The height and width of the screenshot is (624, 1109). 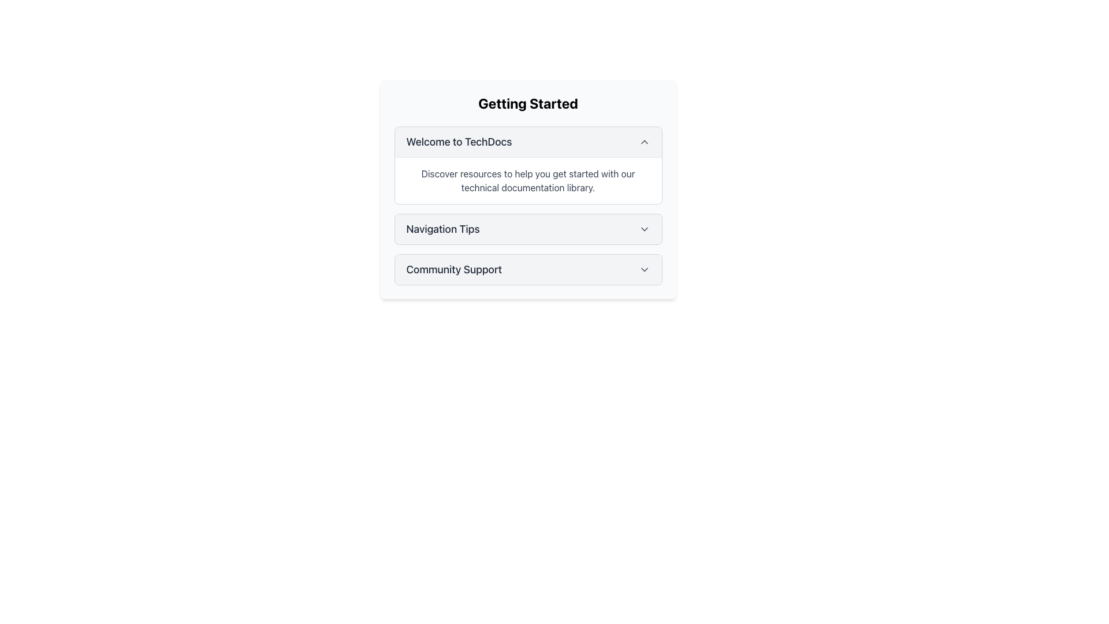 What do you see at coordinates (643, 142) in the screenshot?
I see `the chevron icon located on the far right of the 'Welcome to TechDocs' header section` at bounding box center [643, 142].